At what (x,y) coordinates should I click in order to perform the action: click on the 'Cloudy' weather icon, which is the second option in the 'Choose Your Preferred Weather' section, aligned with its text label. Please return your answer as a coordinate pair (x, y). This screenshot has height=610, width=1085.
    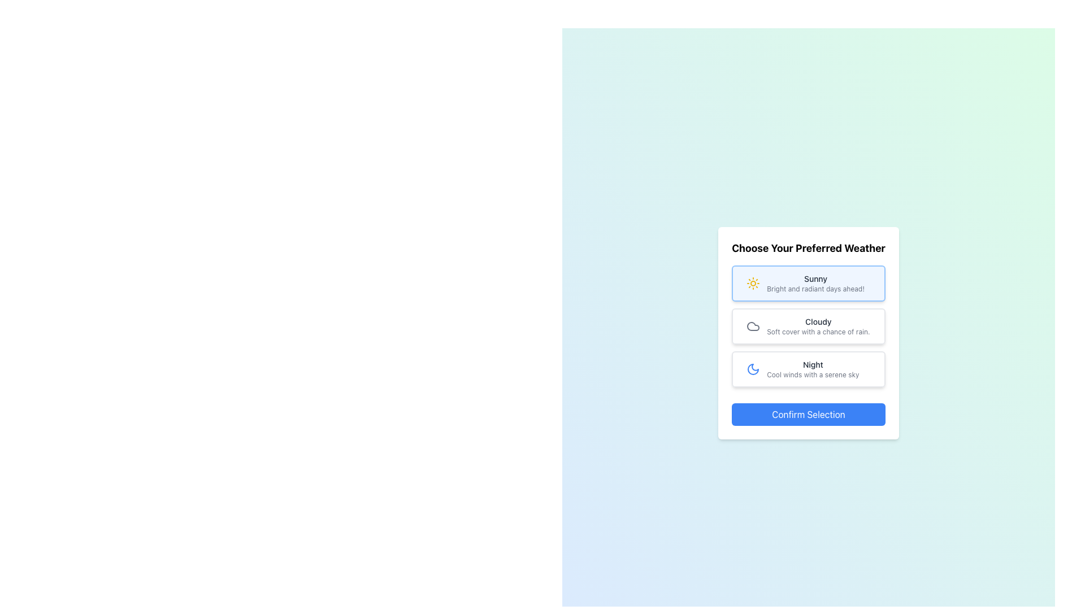
    Looking at the image, I should click on (753, 326).